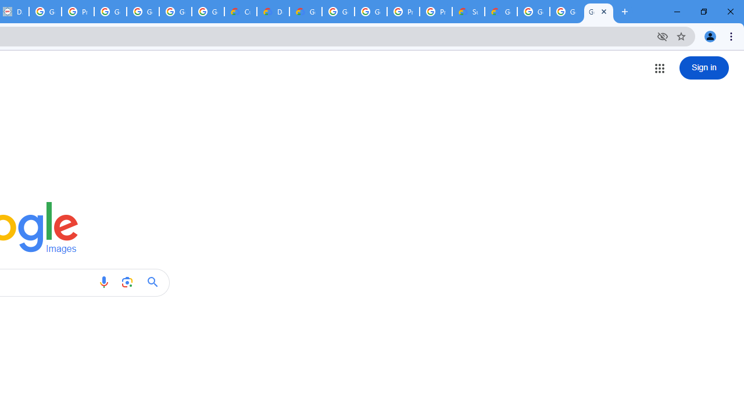 This screenshot has width=744, height=418. What do you see at coordinates (501, 12) in the screenshot?
I see `'Google Cloud Service Health'` at bounding box center [501, 12].